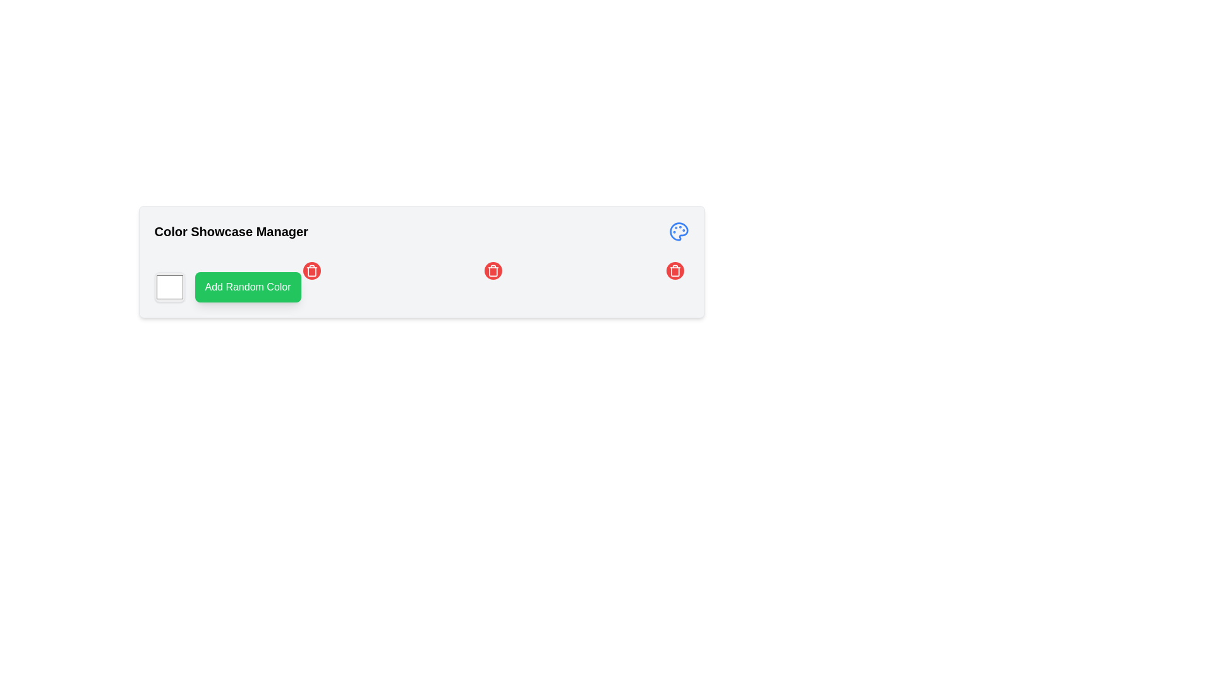  What do you see at coordinates (169, 287) in the screenshot?
I see `the color selection or display box, which is the leftmost item in a row` at bounding box center [169, 287].